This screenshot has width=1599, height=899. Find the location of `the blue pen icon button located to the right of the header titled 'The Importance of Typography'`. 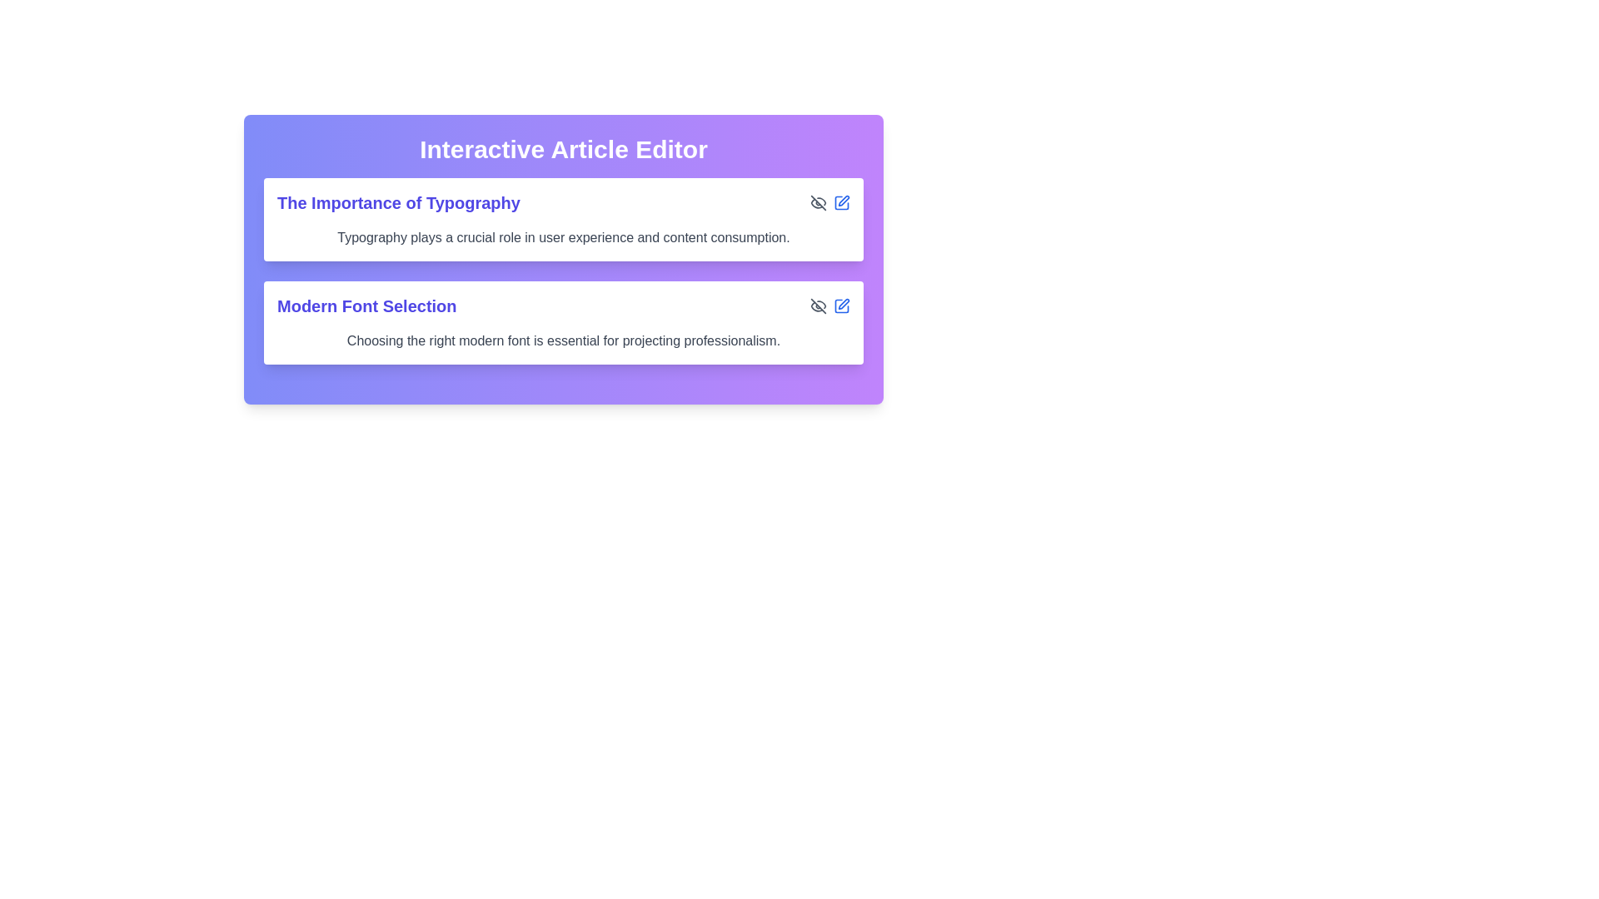

the blue pen icon button located to the right of the header titled 'The Importance of Typography' is located at coordinates (842, 201).